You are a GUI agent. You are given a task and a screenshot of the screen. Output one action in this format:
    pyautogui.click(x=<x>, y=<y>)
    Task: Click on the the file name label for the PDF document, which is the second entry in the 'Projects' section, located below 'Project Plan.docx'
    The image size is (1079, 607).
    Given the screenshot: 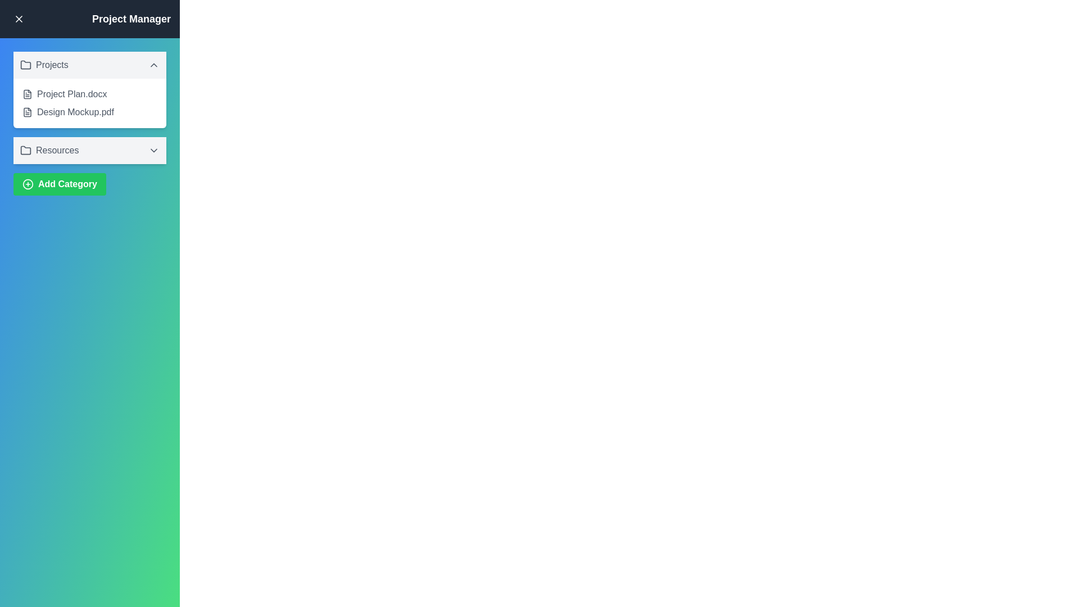 What is the action you would take?
    pyautogui.click(x=75, y=112)
    